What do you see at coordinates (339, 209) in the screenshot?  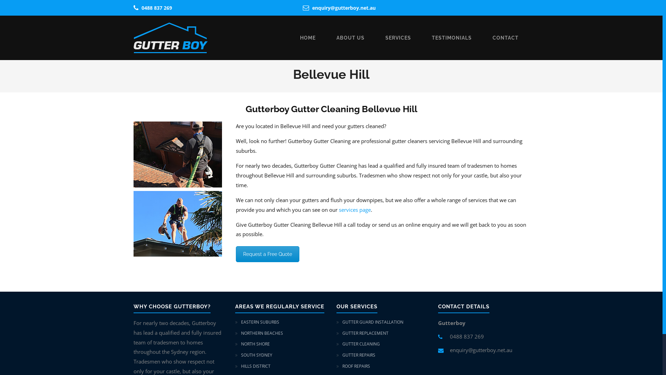 I see `'services page'` at bounding box center [339, 209].